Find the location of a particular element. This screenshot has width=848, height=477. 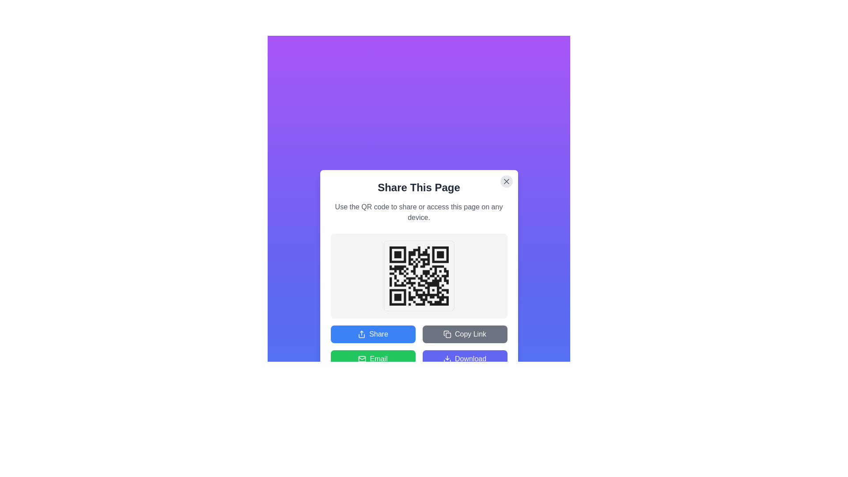

information displayed in the text block that says 'Use the QR code to share or access this page on any device.' This text is styled with a smaller font and grayish tone, located beneath the heading 'Share This Page' in the modal box is located at coordinates (418, 212).